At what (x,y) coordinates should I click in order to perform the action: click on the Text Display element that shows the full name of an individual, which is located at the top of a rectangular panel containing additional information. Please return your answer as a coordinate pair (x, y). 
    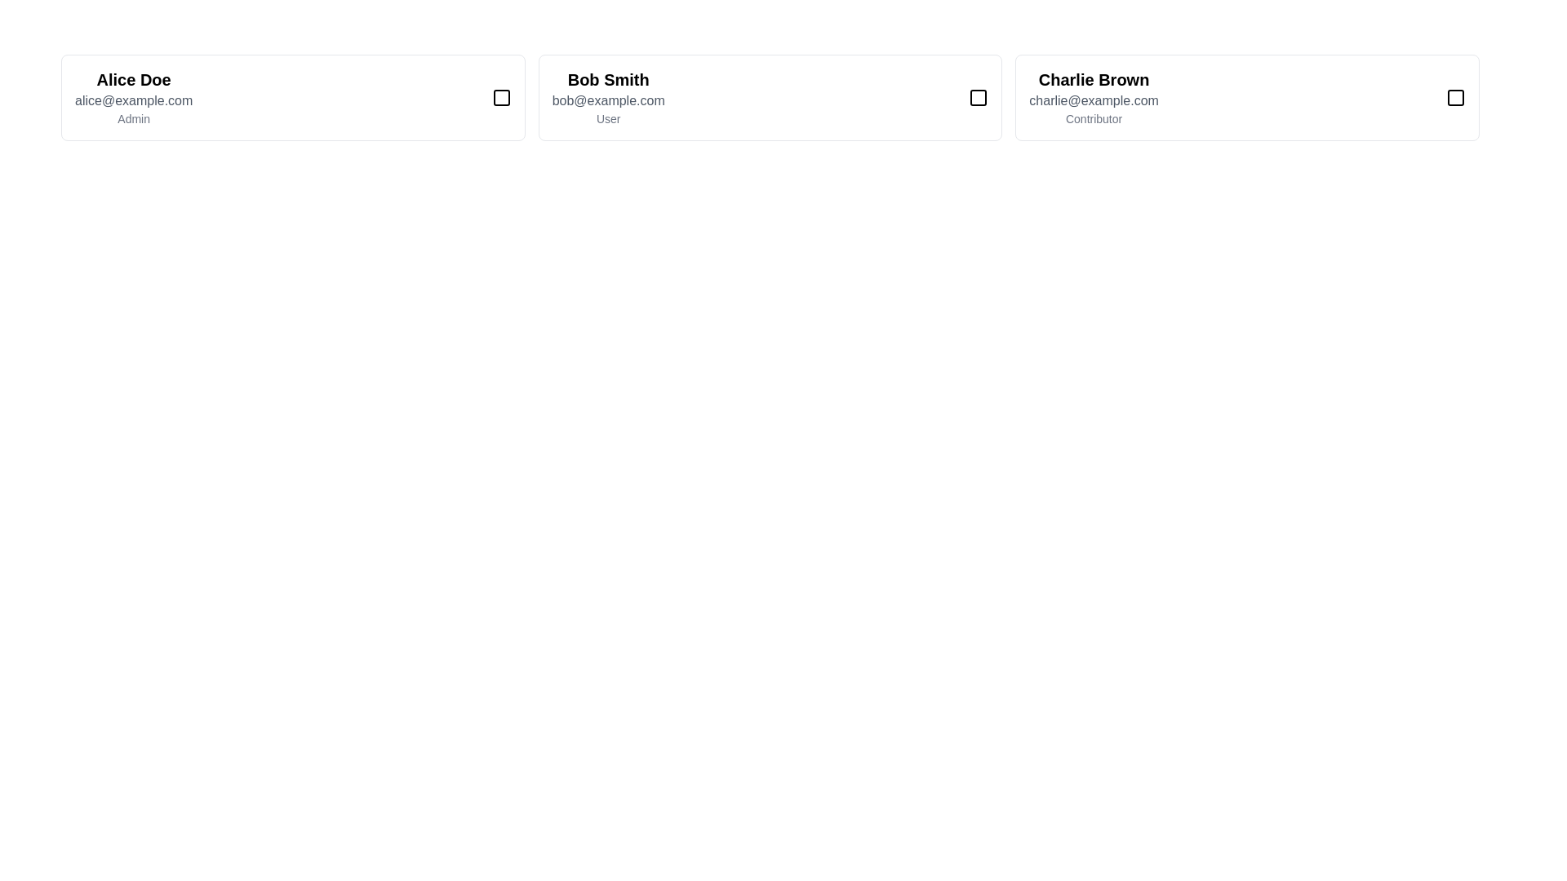
    Looking at the image, I should click on (1094, 79).